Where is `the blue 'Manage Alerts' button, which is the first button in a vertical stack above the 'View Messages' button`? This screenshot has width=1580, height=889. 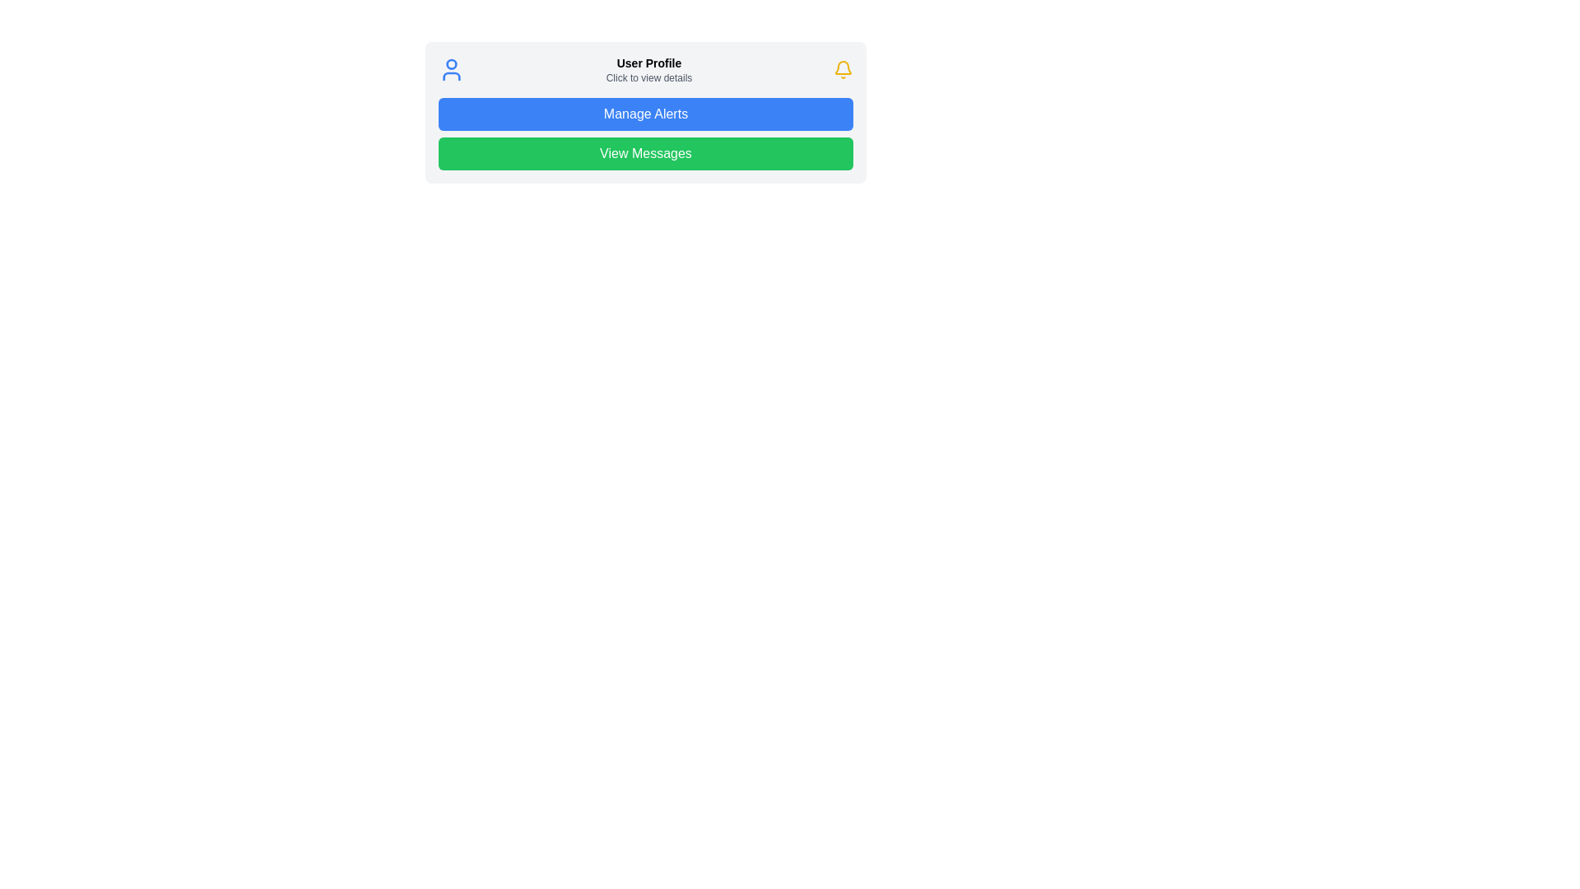 the blue 'Manage Alerts' button, which is the first button in a vertical stack above the 'View Messages' button is located at coordinates (645, 112).